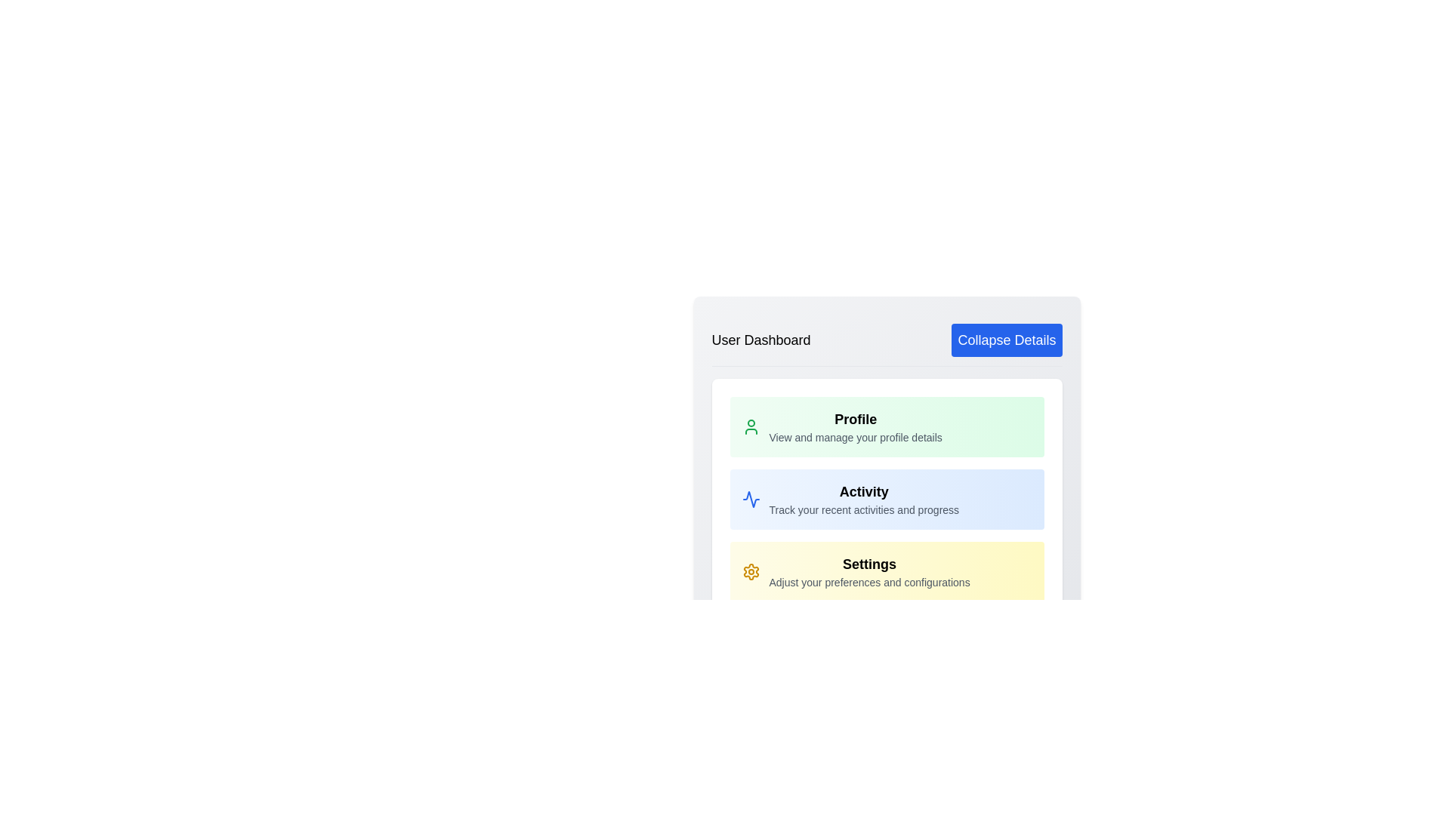 Image resolution: width=1450 pixels, height=815 pixels. What do you see at coordinates (761, 340) in the screenshot?
I see `the 'User Dashboard' text label, which is bold and aligned to the left at the top of the section, positioned to the left of the 'Collapse Details' button` at bounding box center [761, 340].